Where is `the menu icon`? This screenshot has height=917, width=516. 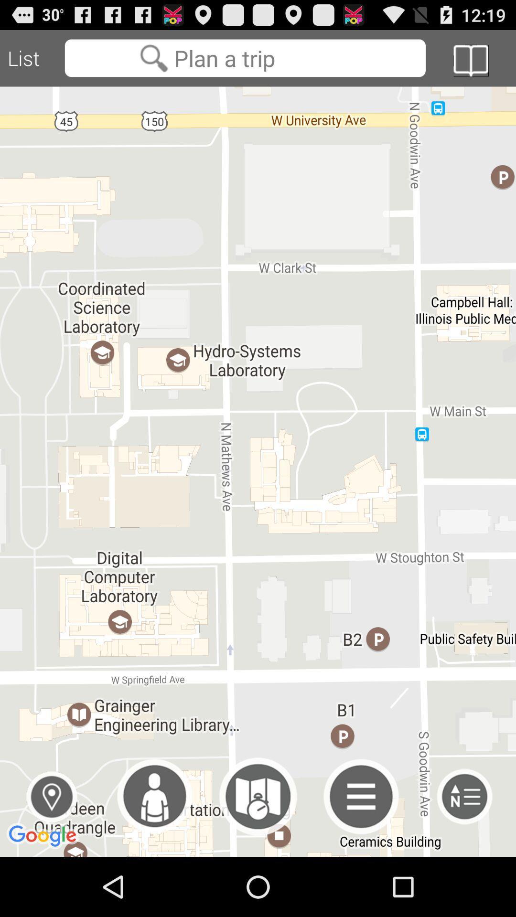 the menu icon is located at coordinates (361, 853).